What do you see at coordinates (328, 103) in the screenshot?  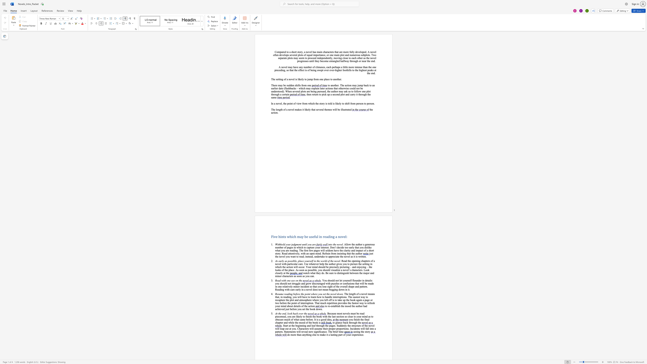 I see `the 5th character "t" in the text` at bounding box center [328, 103].